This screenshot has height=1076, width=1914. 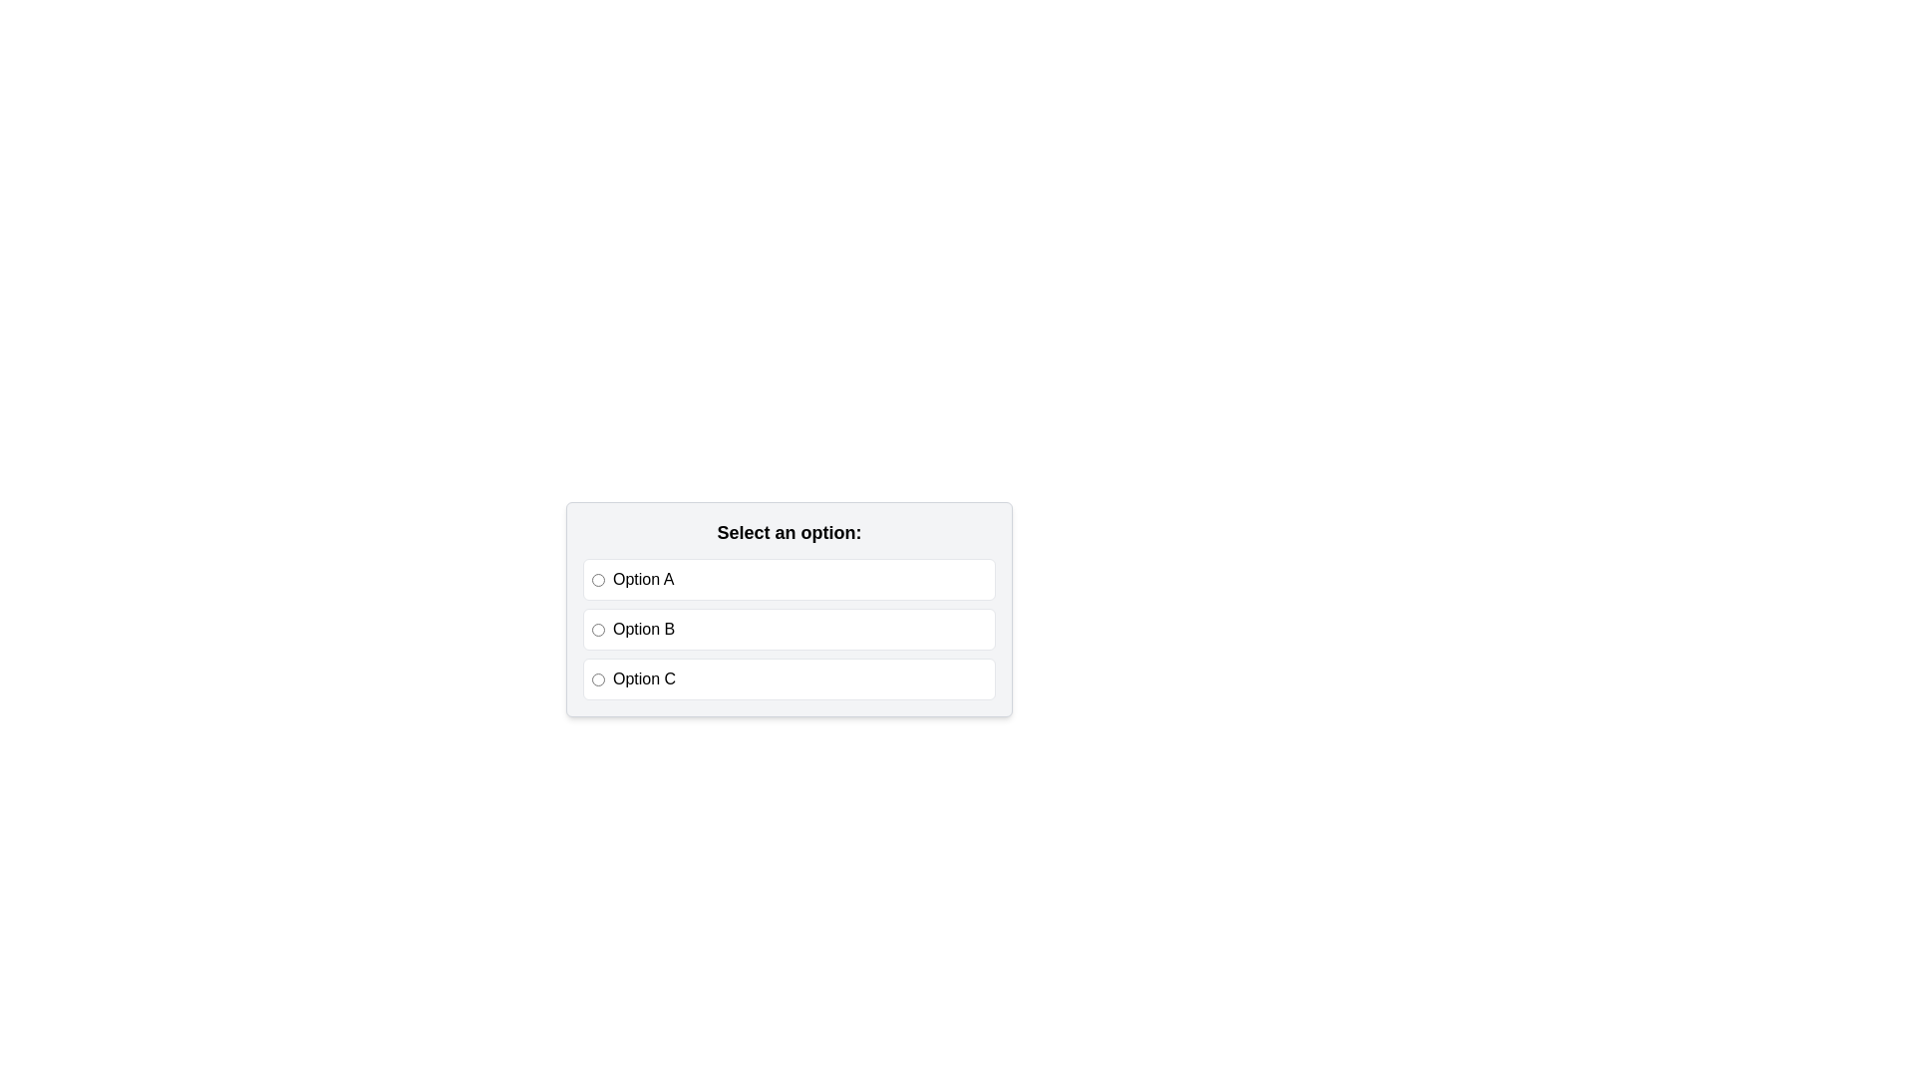 I want to click on the 'Option A' radio button, so click(x=789, y=580).